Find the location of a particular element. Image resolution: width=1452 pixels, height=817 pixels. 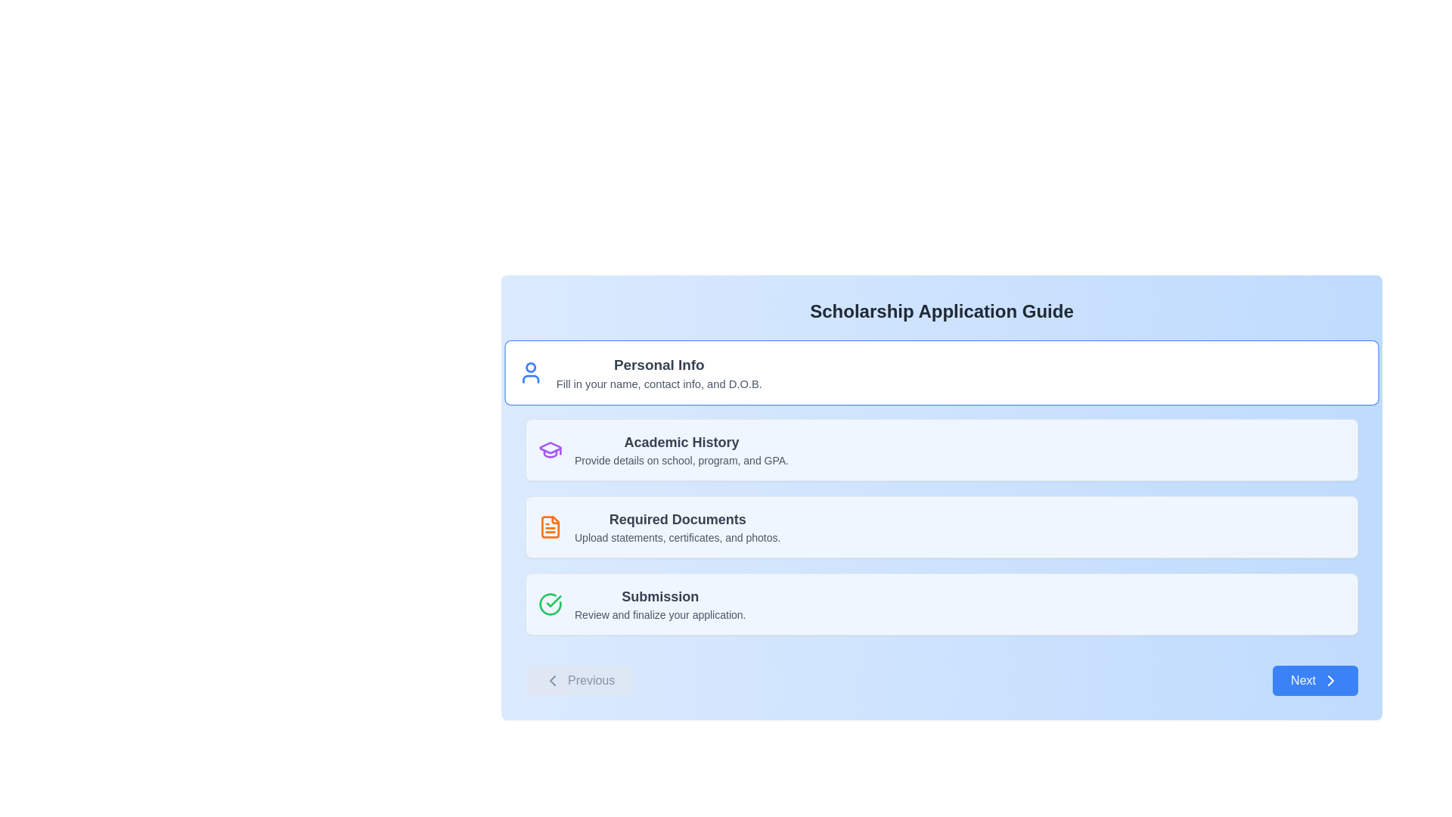

the 'Next' button with a blue background and white text, located at the bottom-right corner of the navigation group is located at coordinates (1314, 679).